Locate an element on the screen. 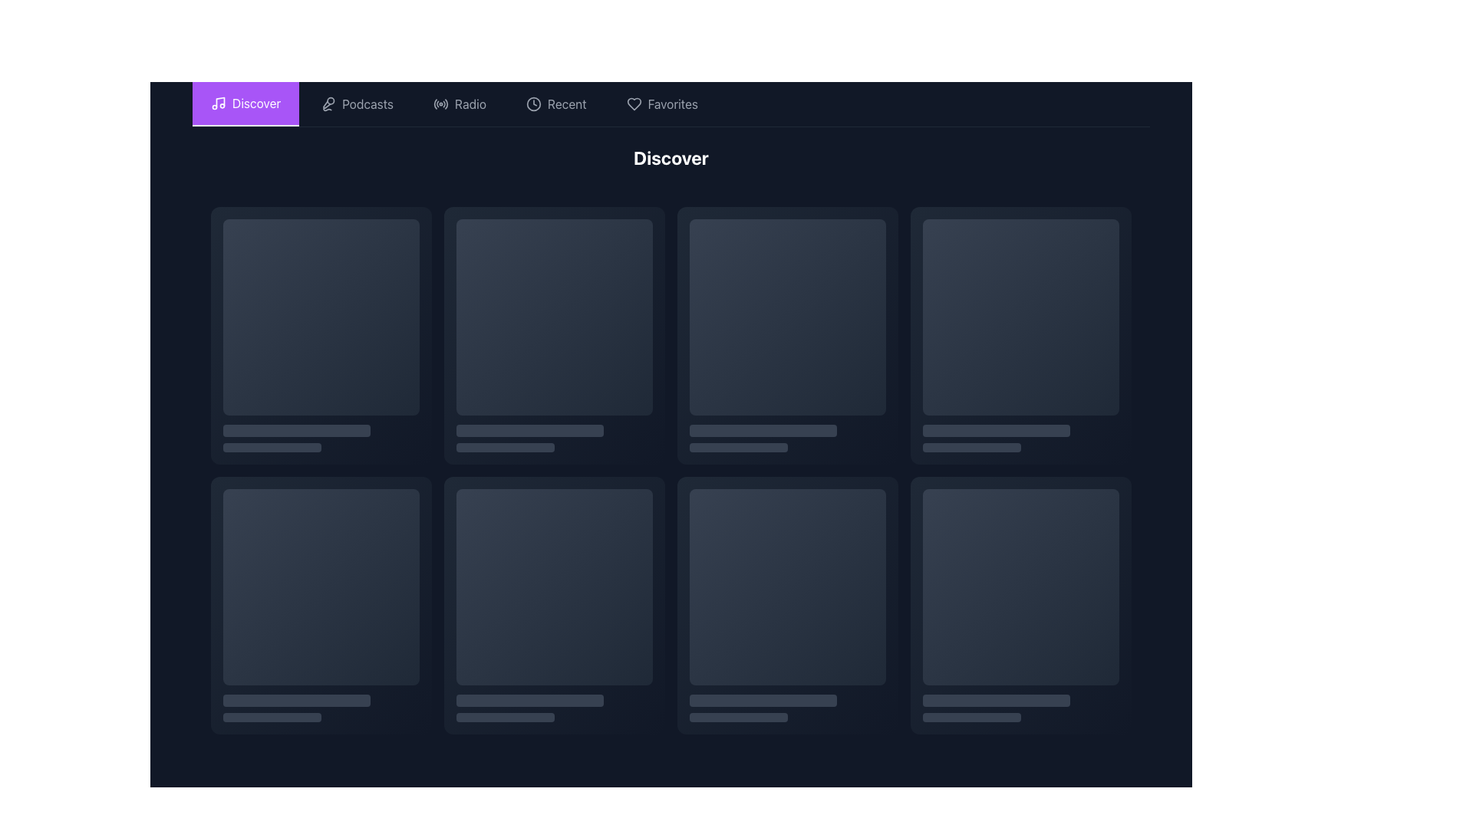 This screenshot has height=828, width=1473. the heart-shaped outline icon located near the Favorites text in the navigation bar is located at coordinates (634, 103).